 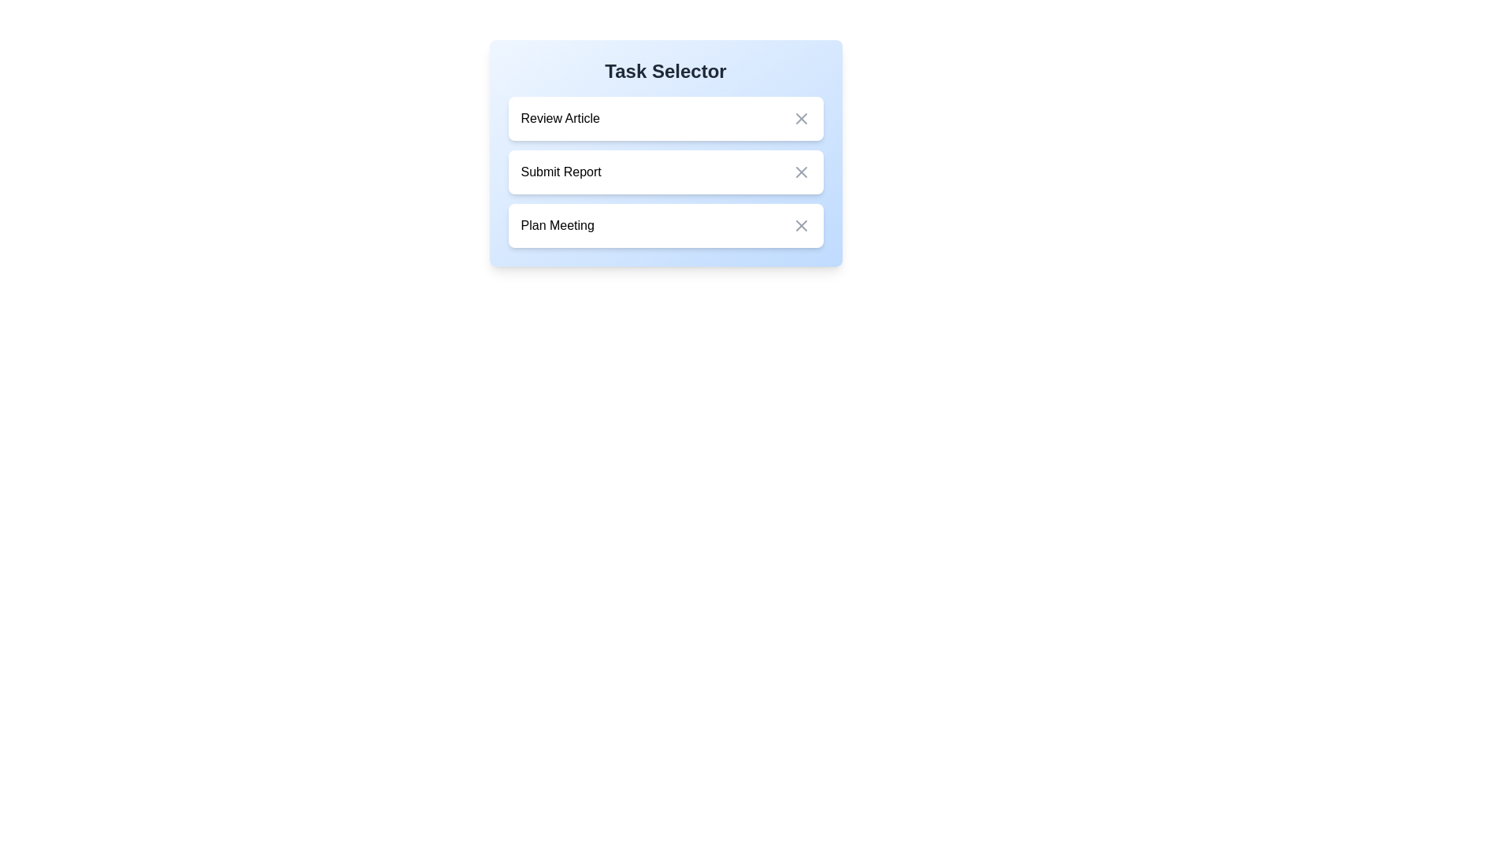 I want to click on the text label that identifies the third task in a vertical list, positioned to the left of the delete ('X') icon, so click(x=558, y=225).